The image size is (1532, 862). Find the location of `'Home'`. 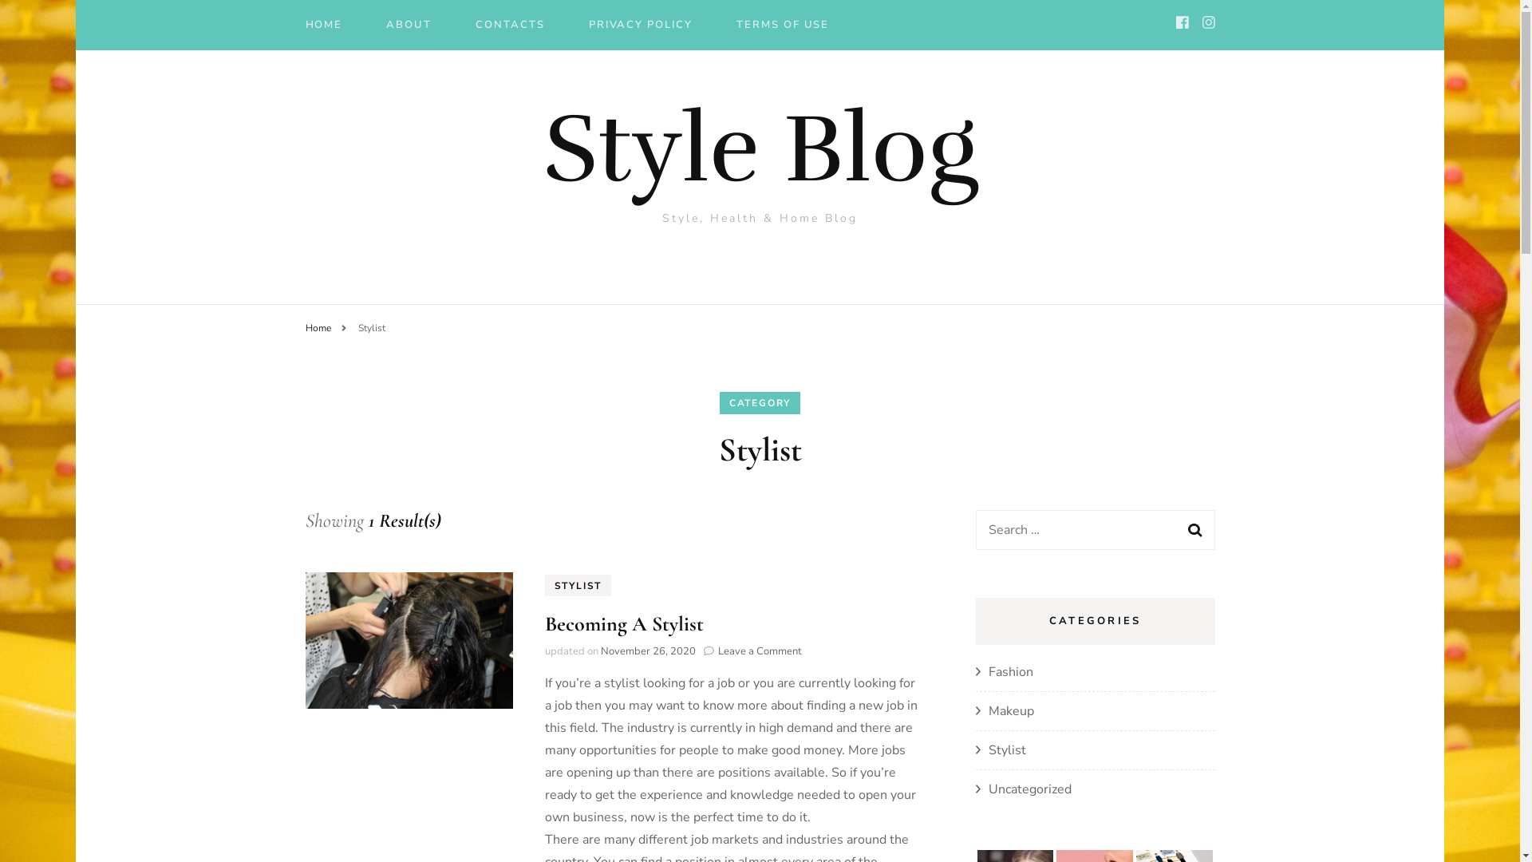

'Home' is located at coordinates (318, 327).